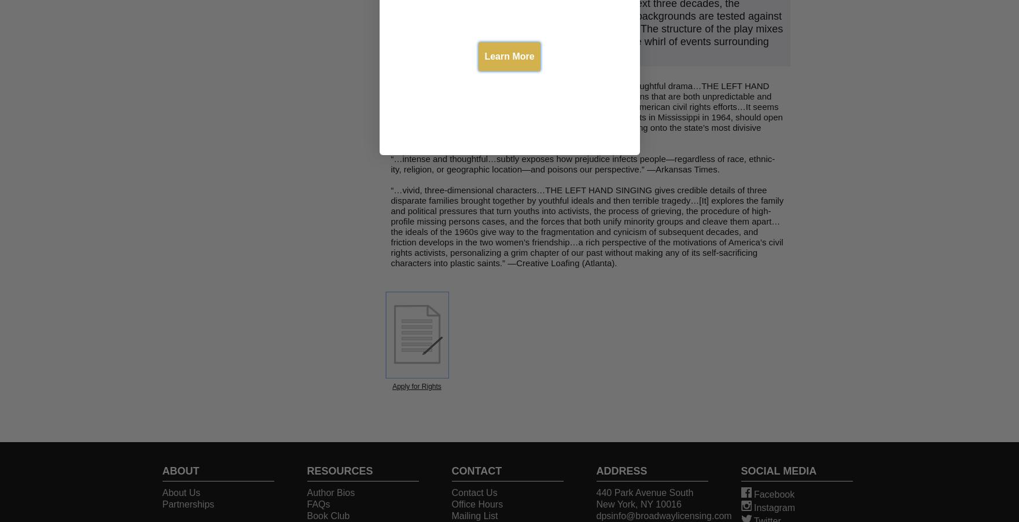  I want to click on 'CONTACT', so click(451, 470).